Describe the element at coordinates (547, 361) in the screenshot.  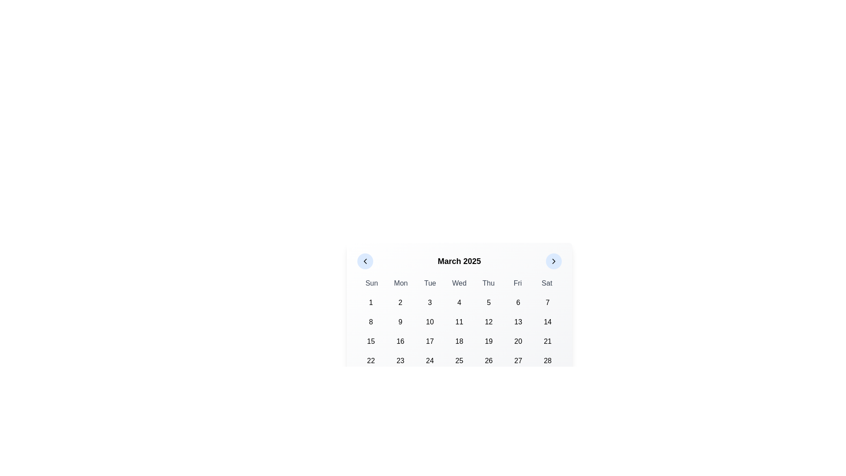
I see `the clickable calendar date cell displaying the number '28' in bold black font, located in the bottom-right corner of the calendar grid under the 'Fri' column` at that location.